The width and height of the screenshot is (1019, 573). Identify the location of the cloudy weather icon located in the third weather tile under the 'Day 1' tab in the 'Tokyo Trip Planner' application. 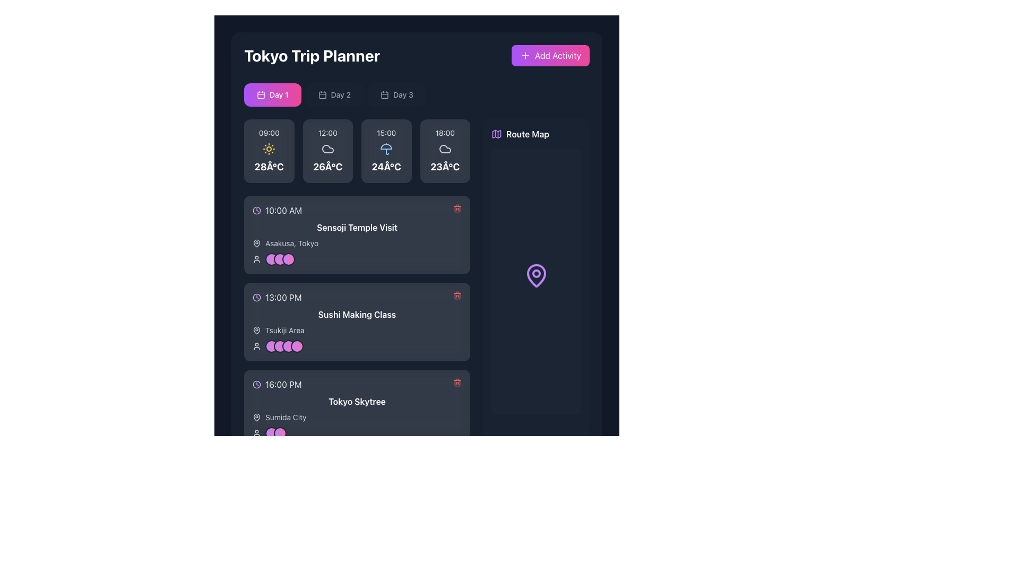
(445, 149).